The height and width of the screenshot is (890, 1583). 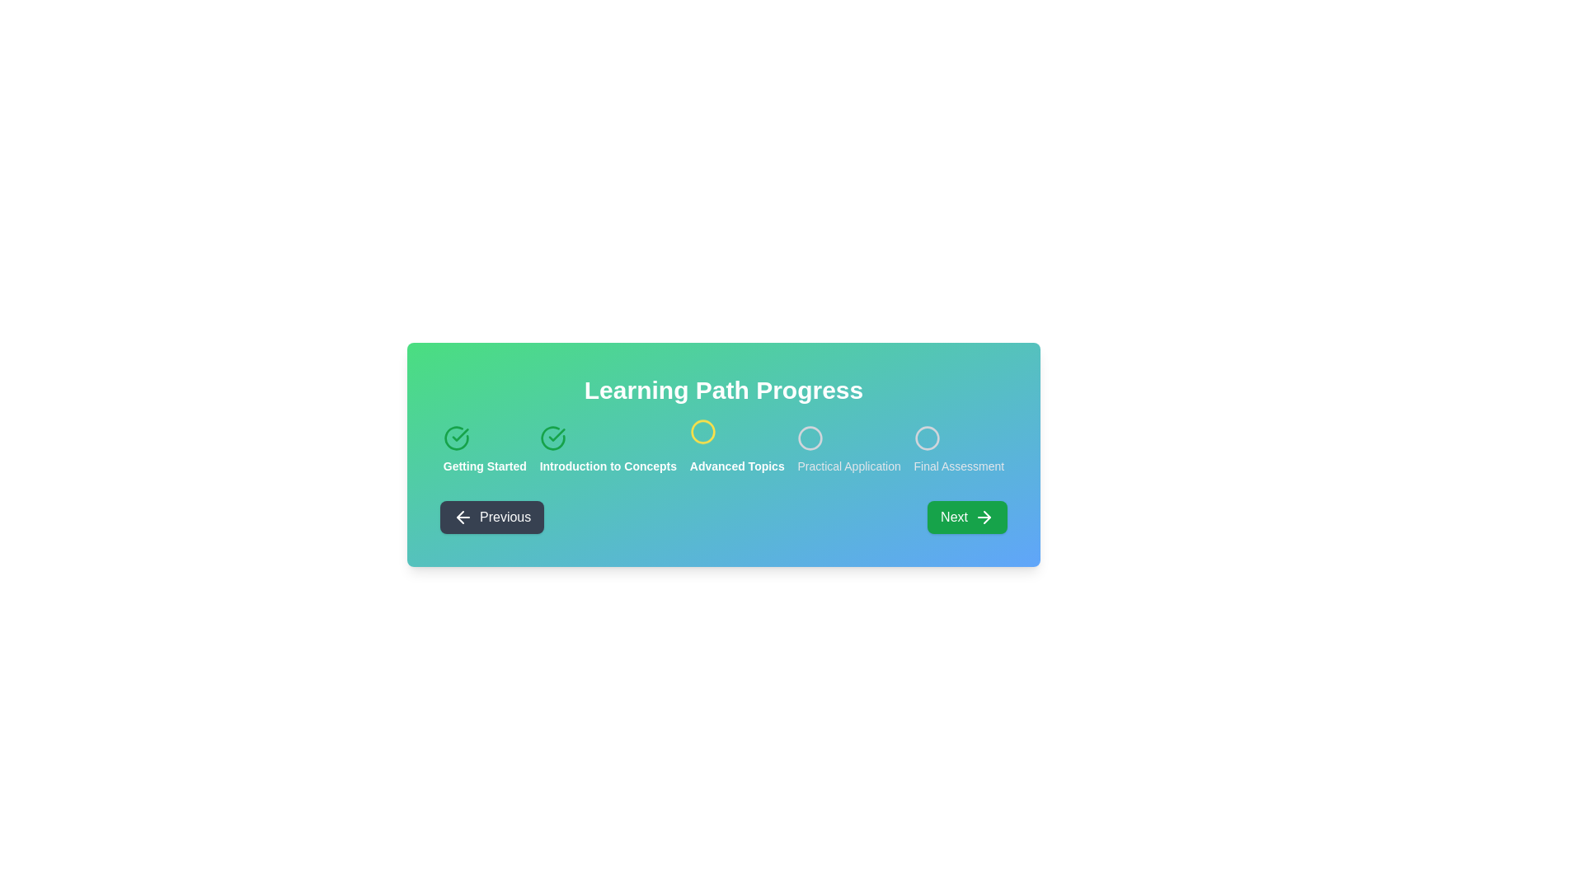 What do you see at coordinates (607, 466) in the screenshot?
I see `text label that says 'Introduction to Concepts', which is part of a progress tracker and is located between 'Getting Started' and 'Advanced Topics'` at bounding box center [607, 466].